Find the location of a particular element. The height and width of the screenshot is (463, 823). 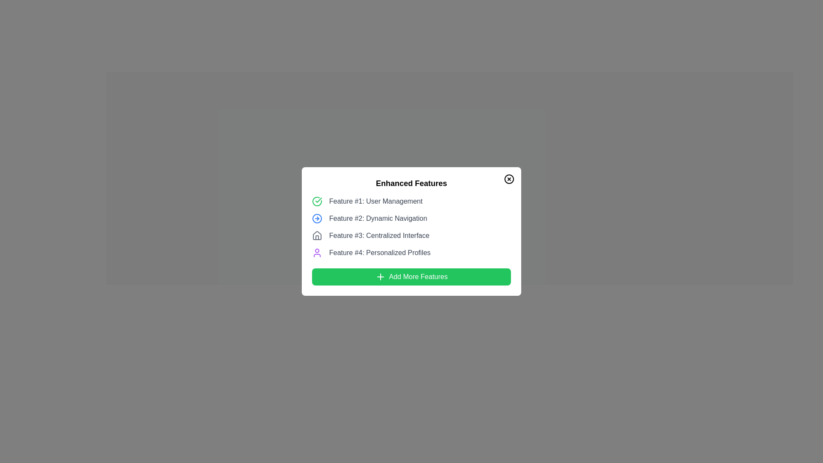

the button located at the bottom of the 'Enhanced Features' dialog box is located at coordinates (411, 277).